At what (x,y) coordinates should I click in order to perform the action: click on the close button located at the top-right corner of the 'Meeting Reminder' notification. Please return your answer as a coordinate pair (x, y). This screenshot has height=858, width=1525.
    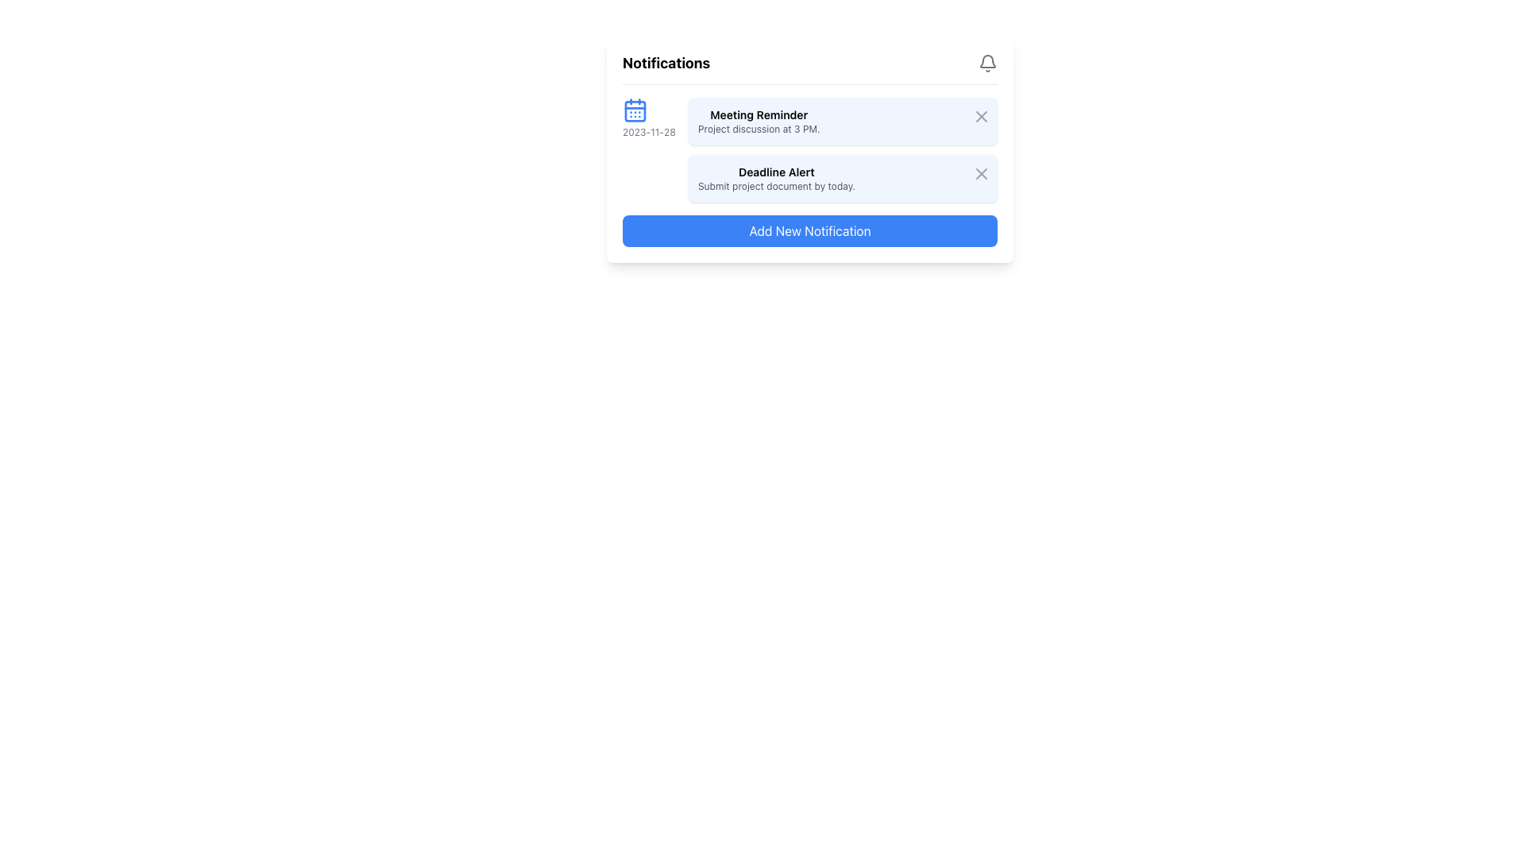
    Looking at the image, I should click on (979, 114).